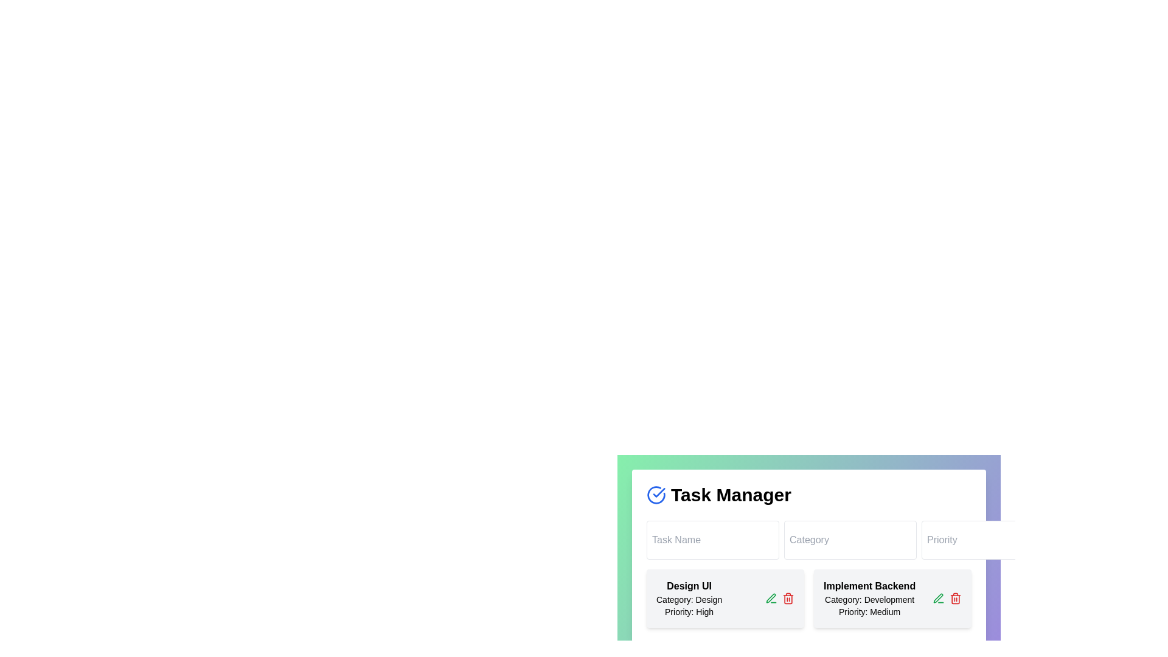  Describe the element at coordinates (656, 495) in the screenshot. I see `attributes of the circular blue checkmark icon located to the left of the 'Task Manager' text in the card header` at that location.